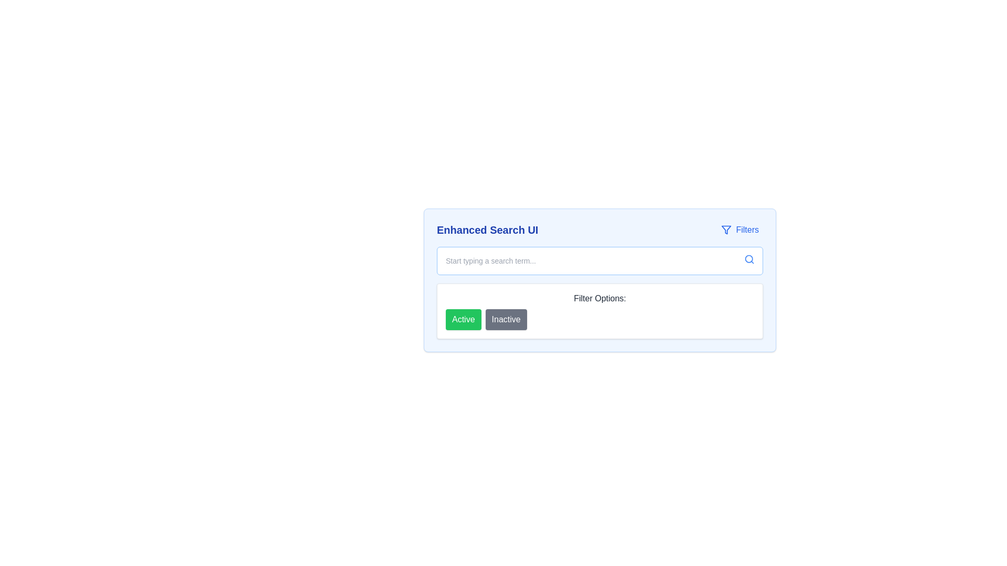  I want to click on the search icon element located on the far right side of the search bar, which serves as a visual cue for search functionality, so click(749, 259).